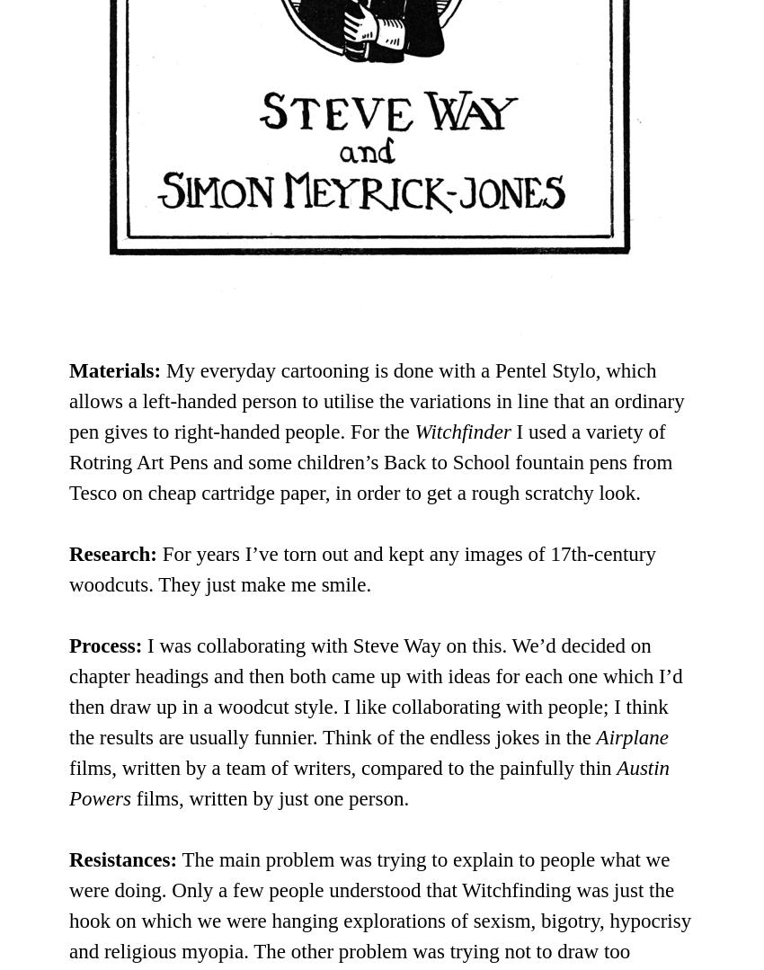 The width and height of the screenshot is (764, 970). Describe the element at coordinates (413, 430) in the screenshot. I see `'Witchfinder'` at that location.